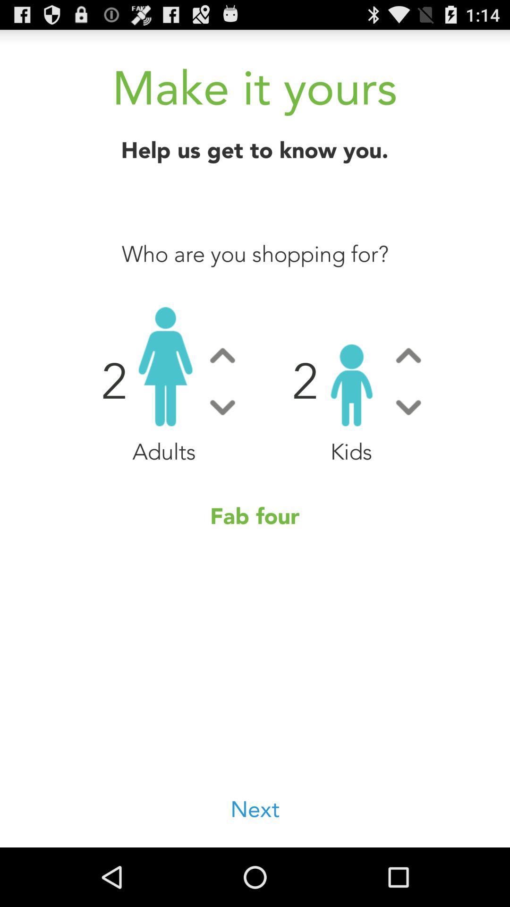 The height and width of the screenshot is (907, 510). What do you see at coordinates (408, 407) in the screenshot?
I see `decrease the number of childs for the app` at bounding box center [408, 407].